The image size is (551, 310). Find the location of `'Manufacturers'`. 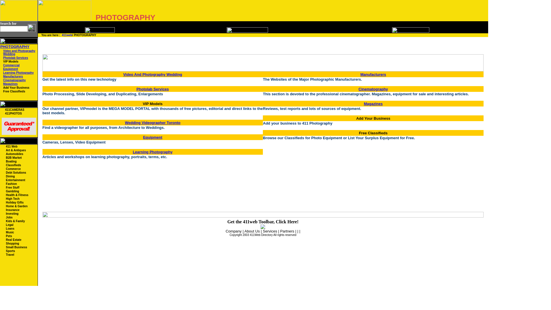

'Manufacturers' is located at coordinates (13, 76).